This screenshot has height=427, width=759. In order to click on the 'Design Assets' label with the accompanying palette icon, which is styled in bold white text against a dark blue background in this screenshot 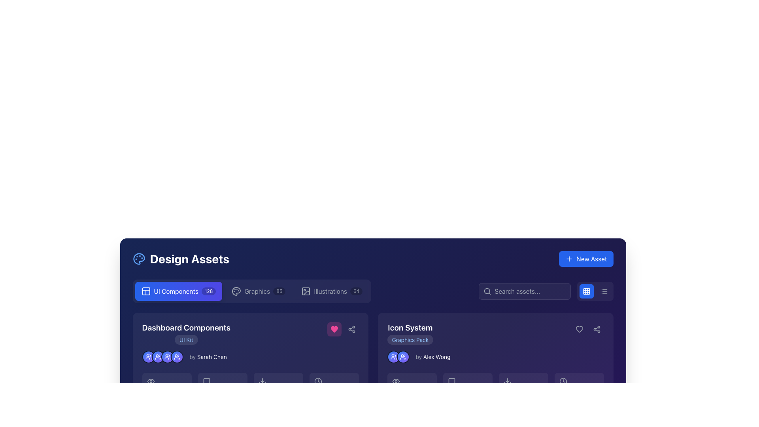, I will do `click(180, 259)`.